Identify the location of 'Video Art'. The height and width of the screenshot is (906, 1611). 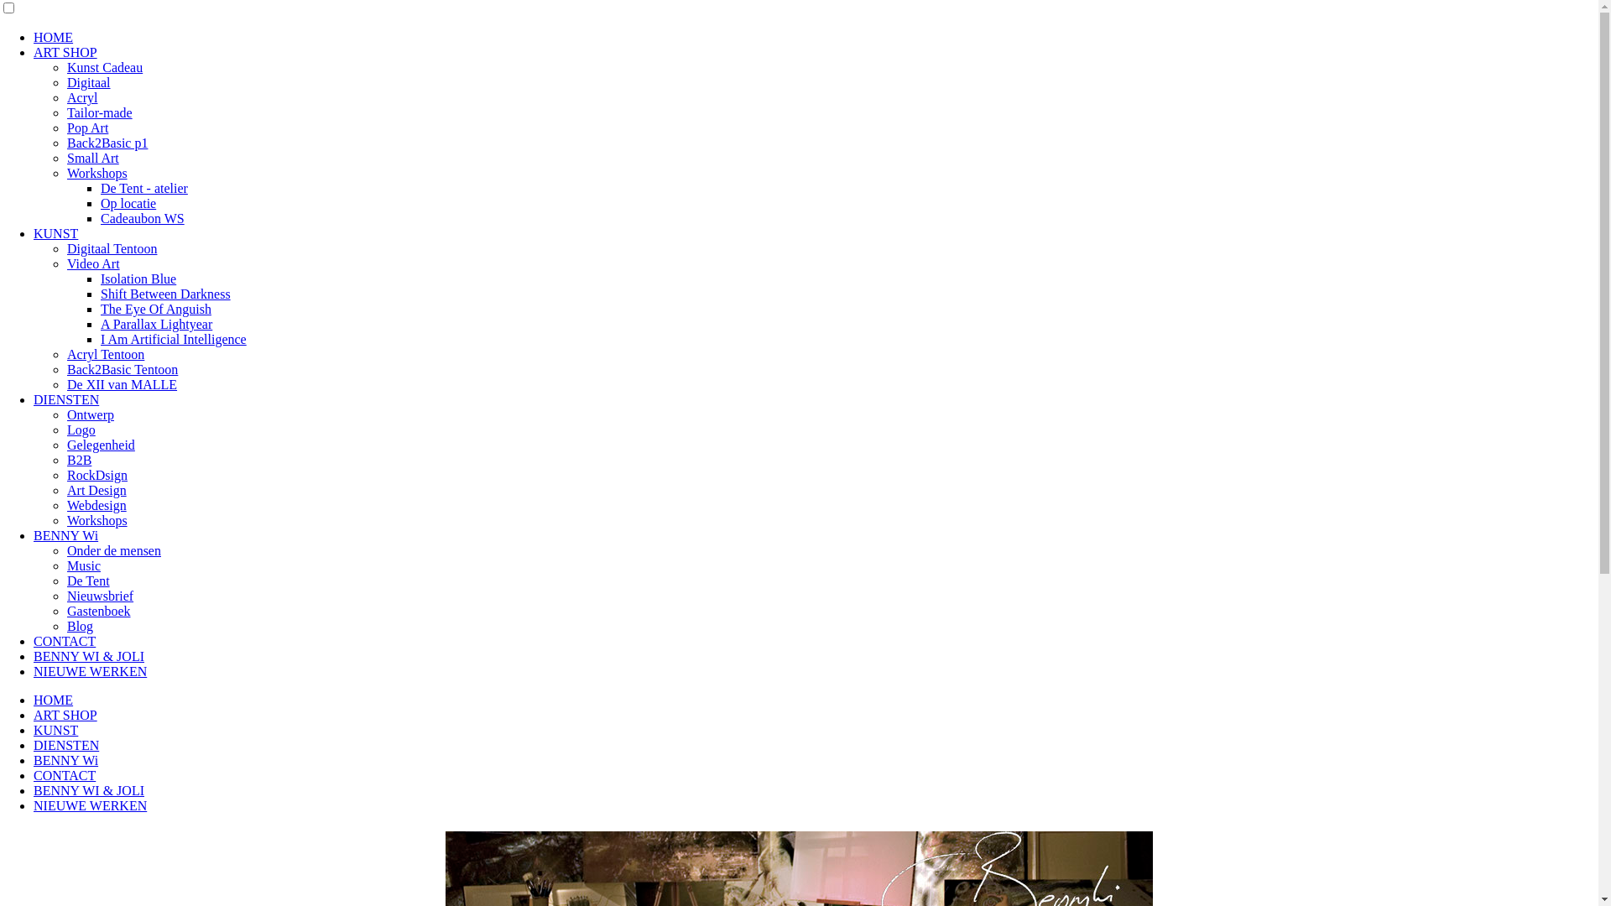
(92, 263).